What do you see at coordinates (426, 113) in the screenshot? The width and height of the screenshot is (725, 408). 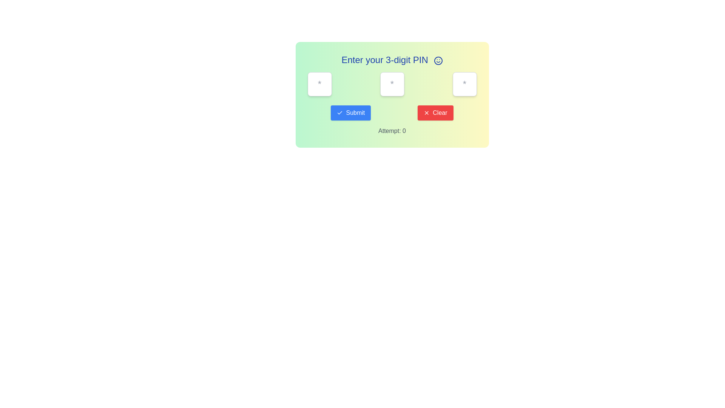 I see `the 'X' icon on the red background within the 'Clear' button to clear the input for the 3-digit PIN` at bounding box center [426, 113].